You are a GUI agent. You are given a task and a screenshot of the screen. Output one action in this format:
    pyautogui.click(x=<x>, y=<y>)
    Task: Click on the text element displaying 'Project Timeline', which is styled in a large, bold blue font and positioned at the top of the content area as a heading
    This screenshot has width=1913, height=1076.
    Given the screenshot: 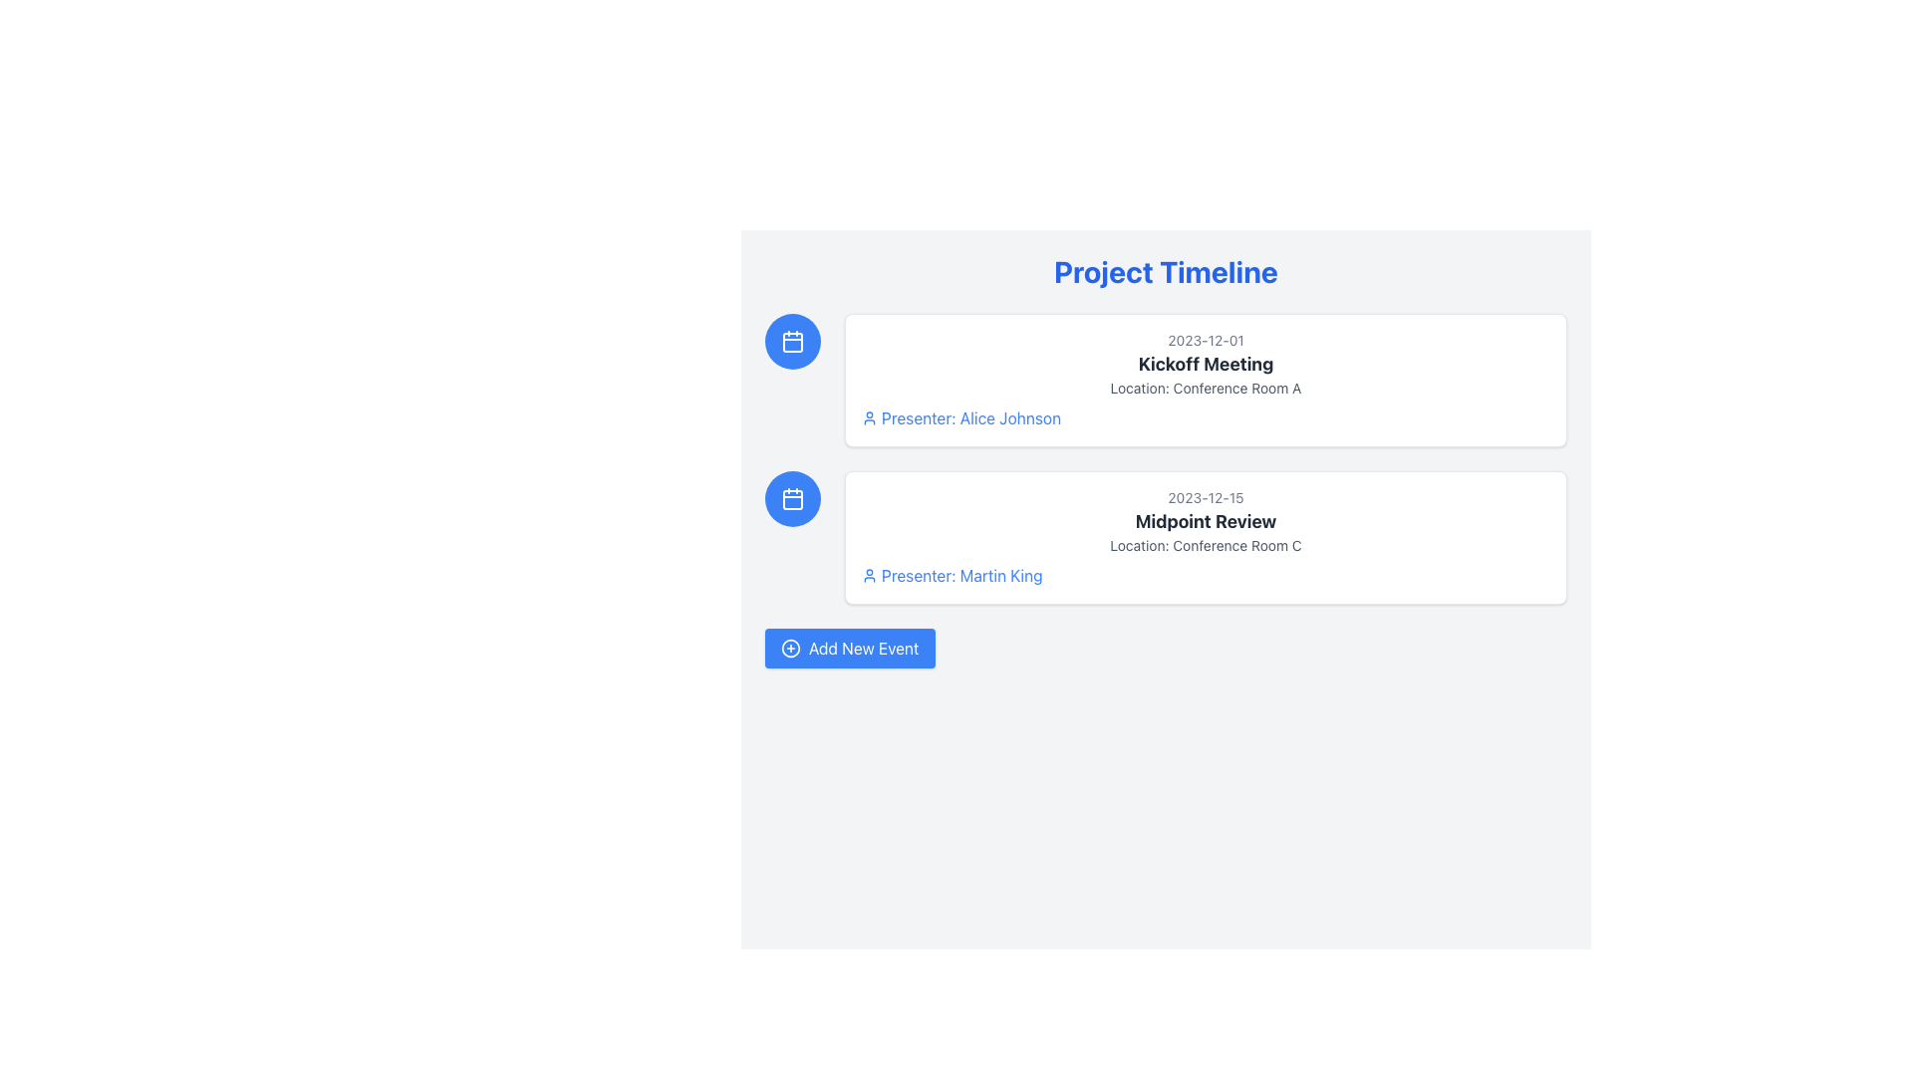 What is the action you would take?
    pyautogui.click(x=1166, y=272)
    